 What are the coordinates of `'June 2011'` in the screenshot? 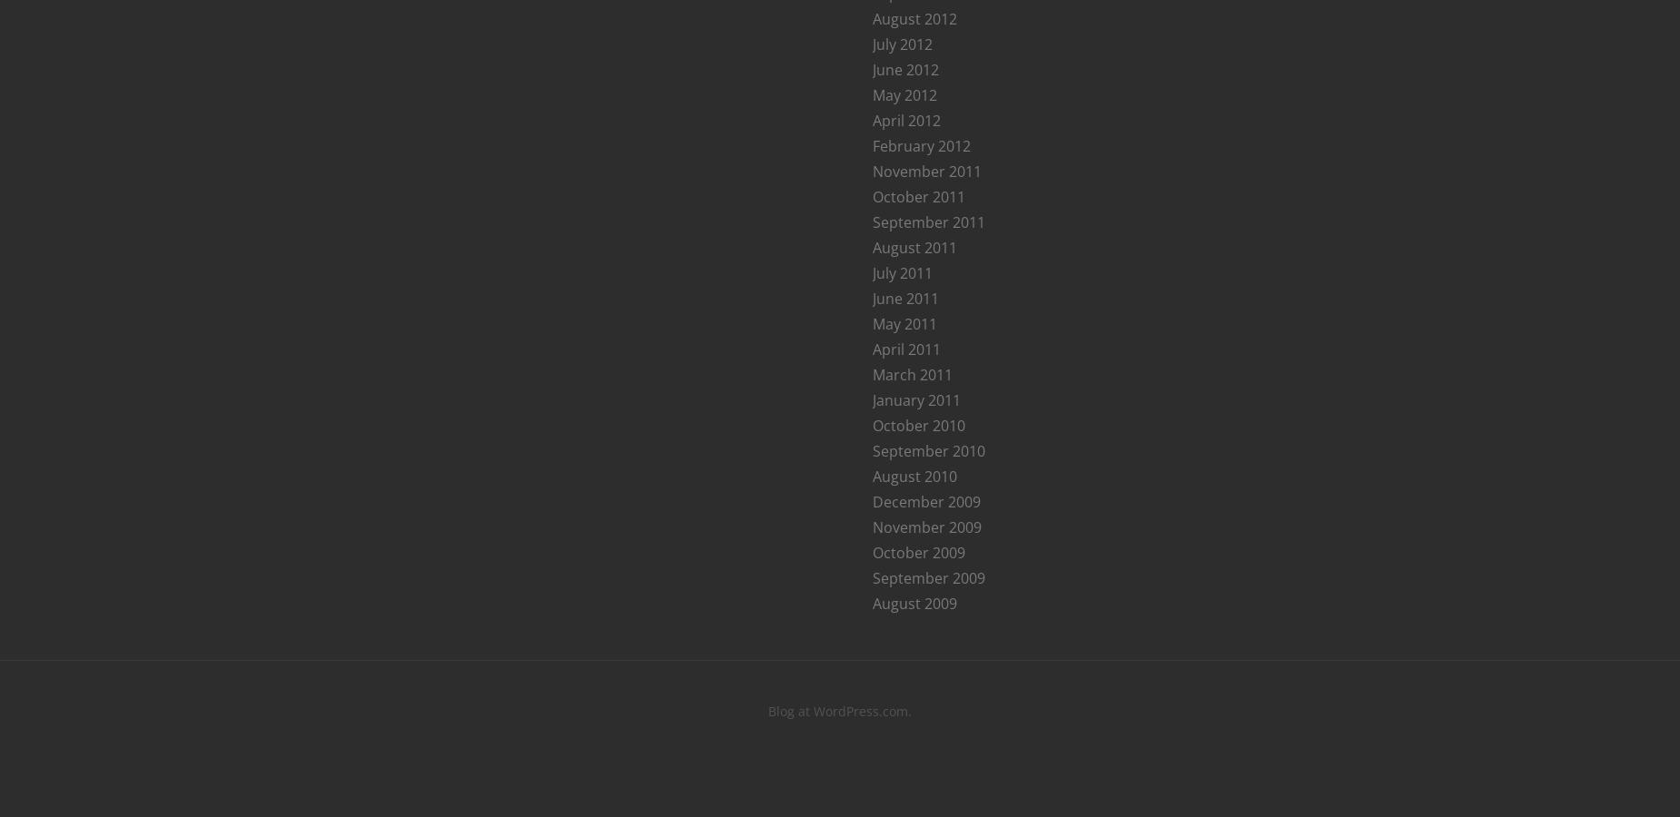 It's located at (904, 296).